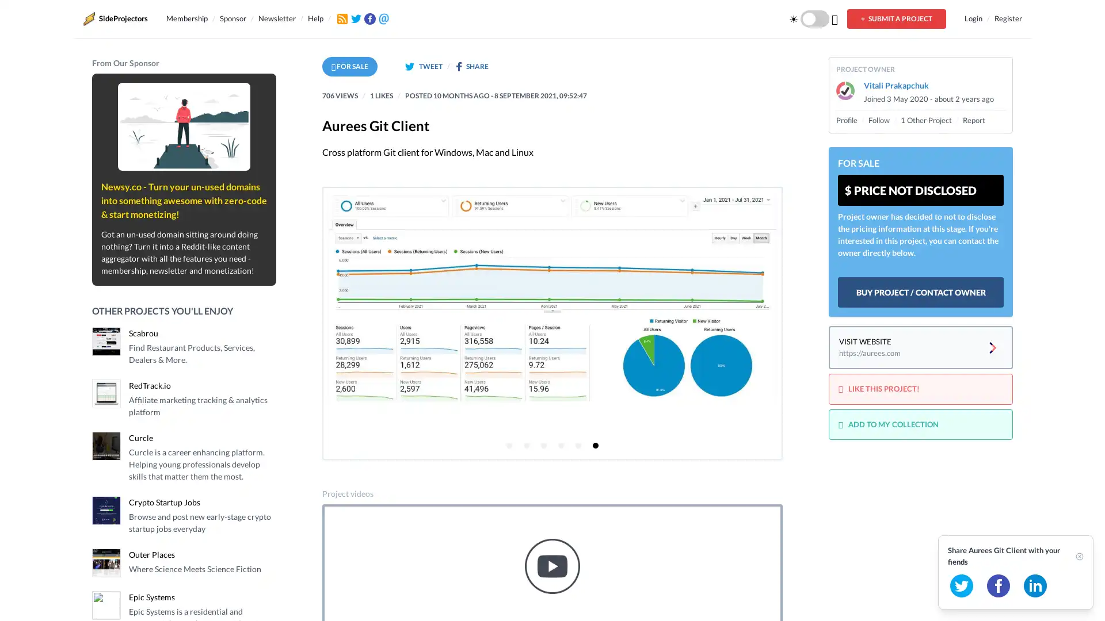 The width and height of the screenshot is (1105, 621). Describe the element at coordinates (920, 424) in the screenshot. I see `ADD TO MY COLLECTION` at that location.